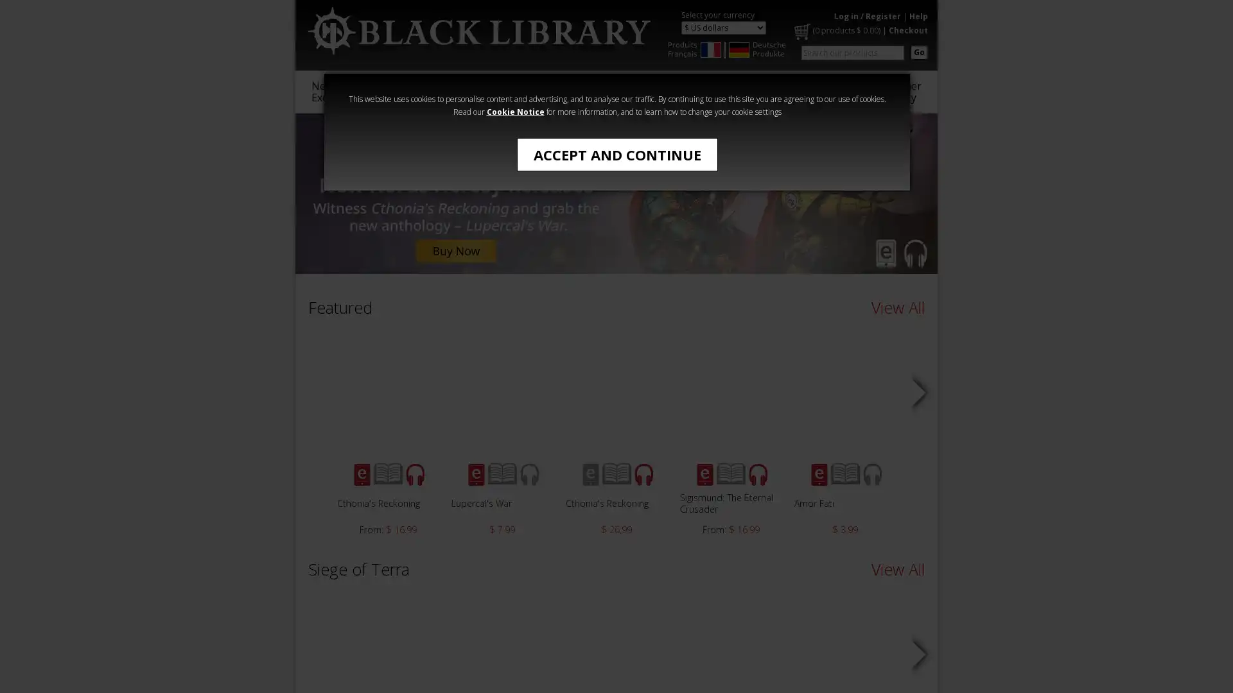 Image resolution: width=1233 pixels, height=693 pixels. Describe the element at coordinates (918, 51) in the screenshot. I see `Go` at that location.